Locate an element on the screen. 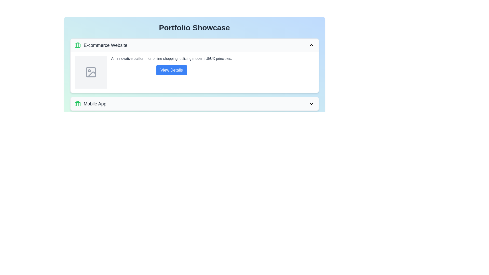  the small upward-pointing black arrow icon located at the far right of the header of the 'E-commerce Website' section is located at coordinates (311, 45).